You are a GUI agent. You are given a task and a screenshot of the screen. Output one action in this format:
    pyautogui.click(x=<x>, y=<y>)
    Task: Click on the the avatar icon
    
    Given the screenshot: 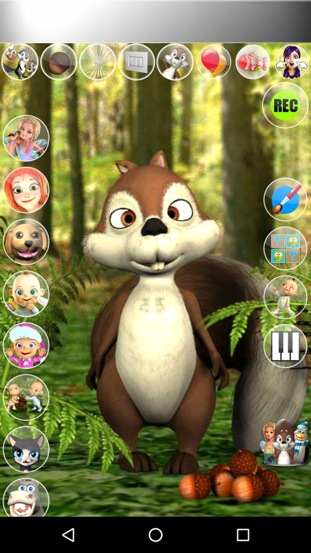 What is the action you would take?
    pyautogui.click(x=25, y=423)
    